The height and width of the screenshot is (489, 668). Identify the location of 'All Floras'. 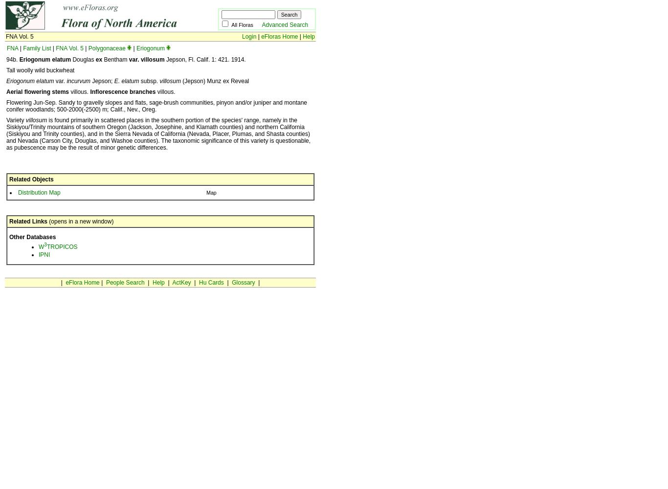
(246, 25).